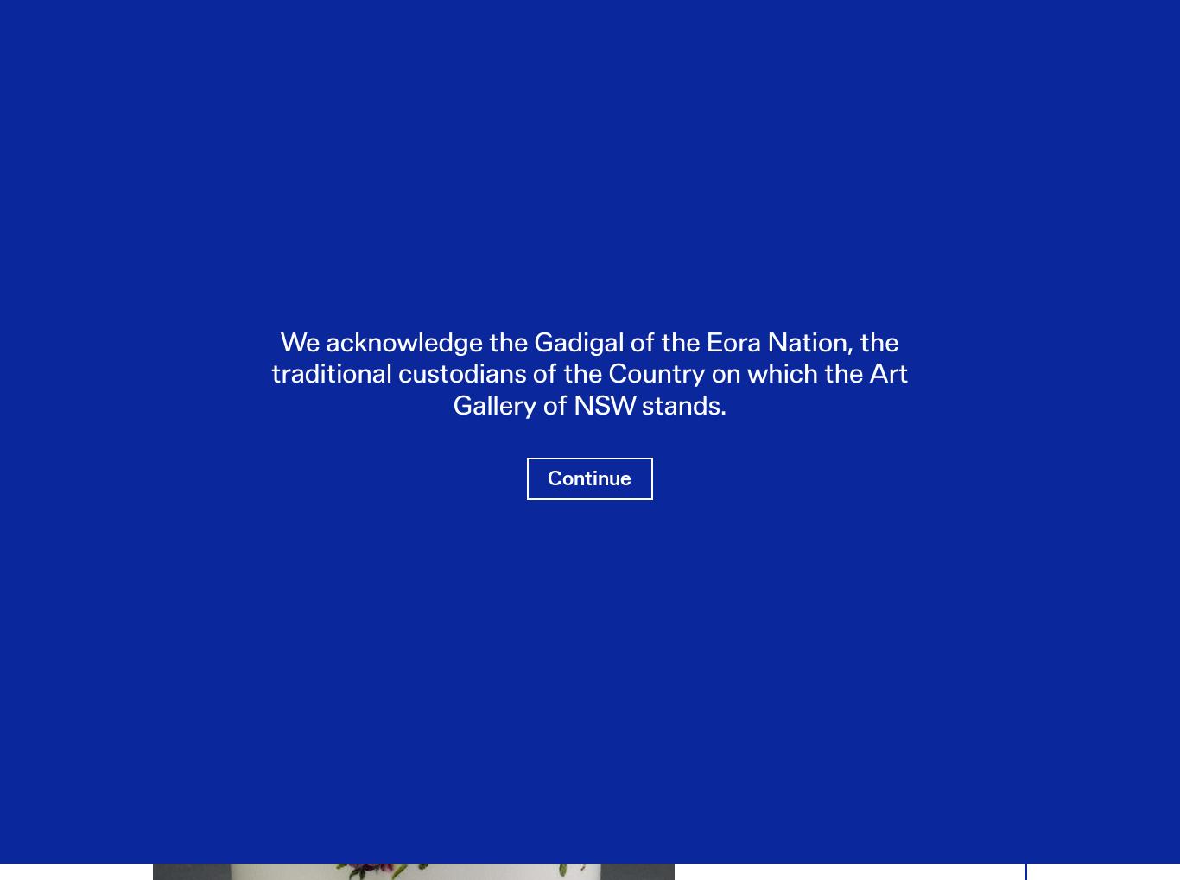  What do you see at coordinates (688, 54) in the screenshot?
I see `'Shop'` at bounding box center [688, 54].